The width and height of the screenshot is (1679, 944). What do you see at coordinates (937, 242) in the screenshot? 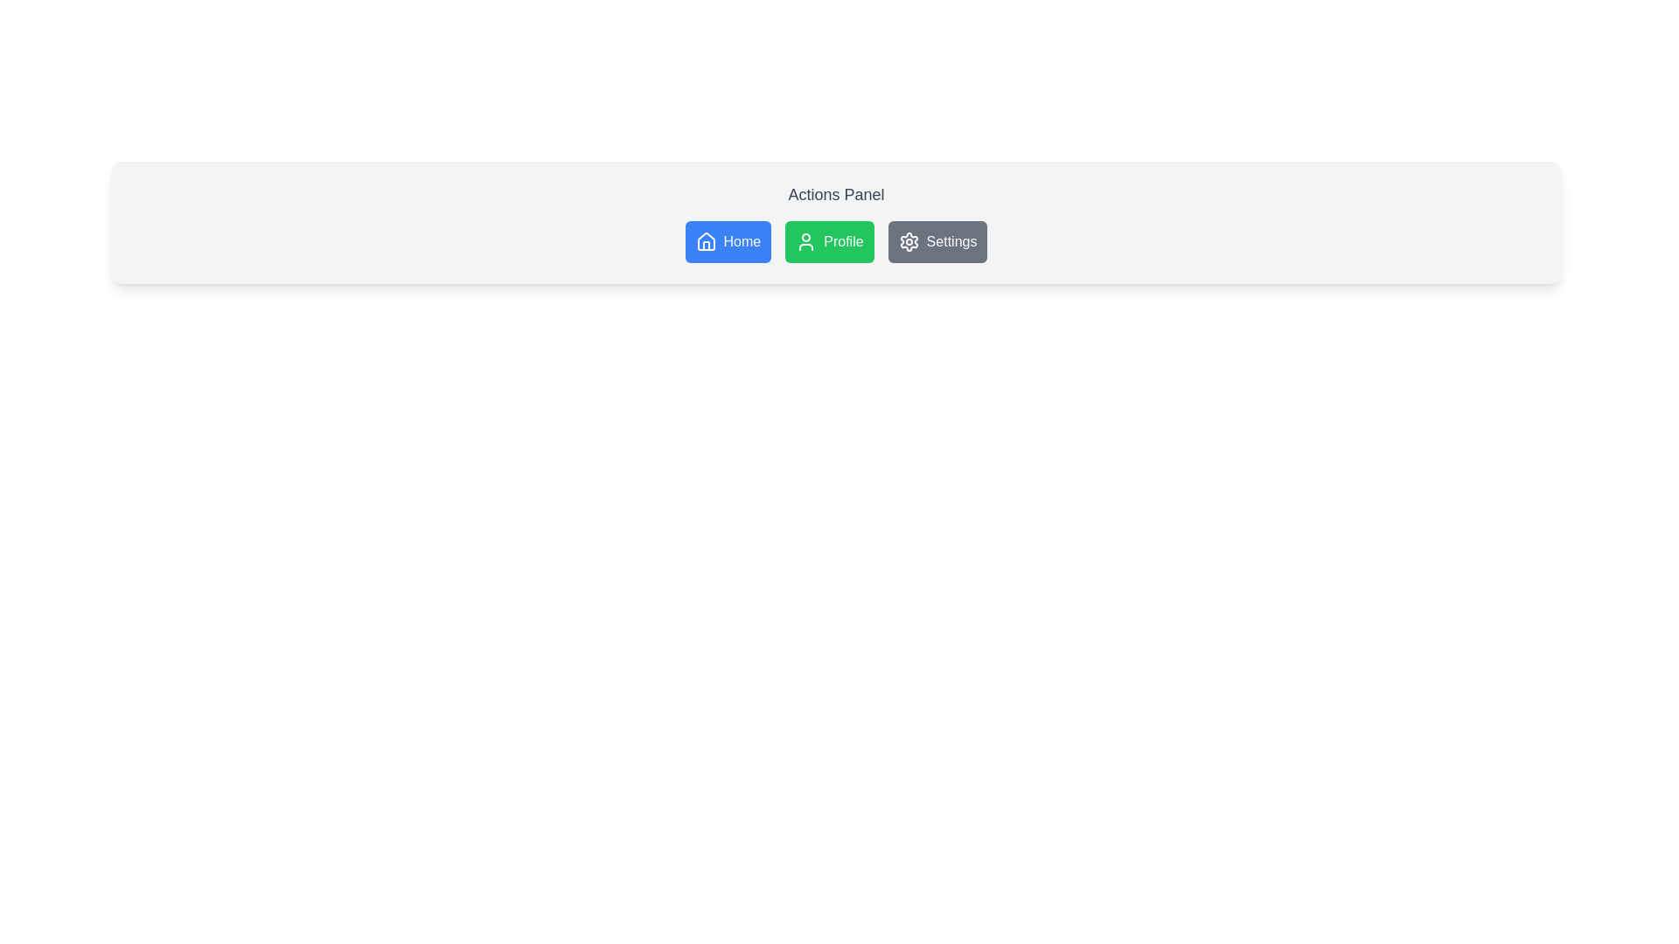
I see `the 'Settings' button, which is the third button in a horizontal row labeled 'Home', 'Profile', and 'Settings'` at bounding box center [937, 242].